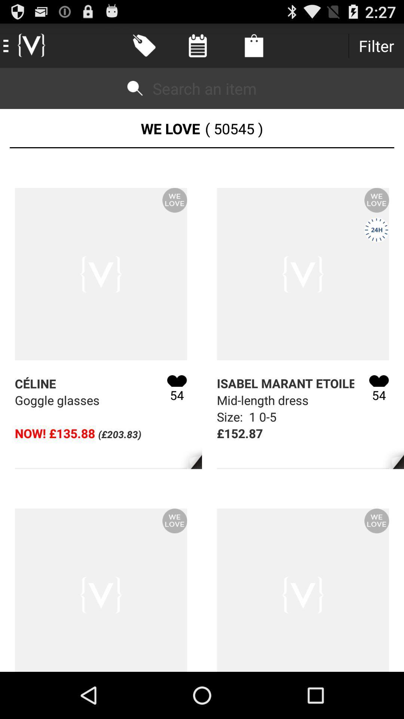 The image size is (404, 719). I want to click on the 2nd icon to the left side from filter, so click(197, 45).